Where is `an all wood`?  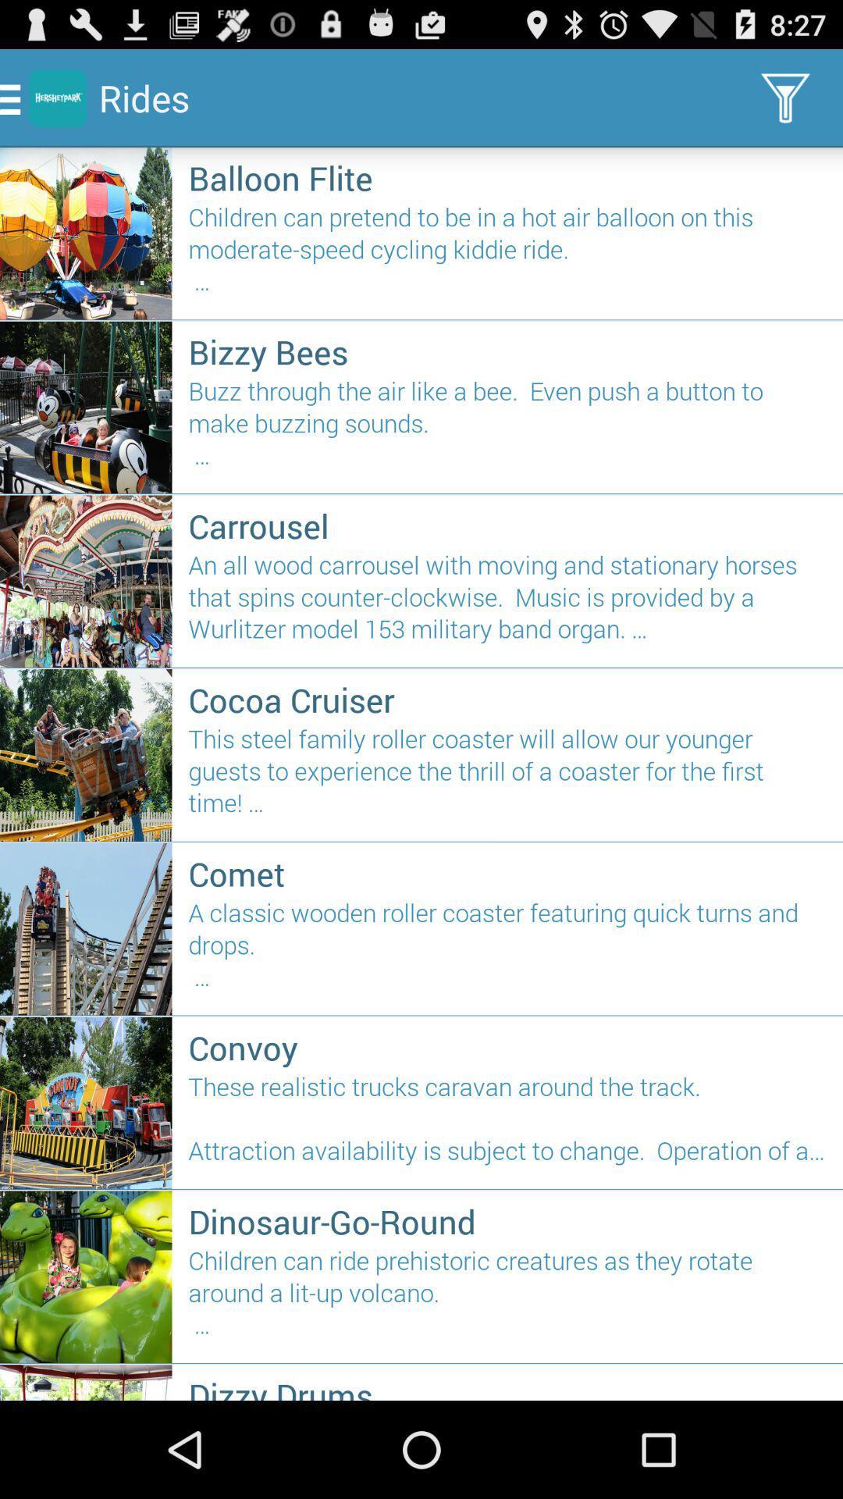
an all wood is located at coordinates (507, 603).